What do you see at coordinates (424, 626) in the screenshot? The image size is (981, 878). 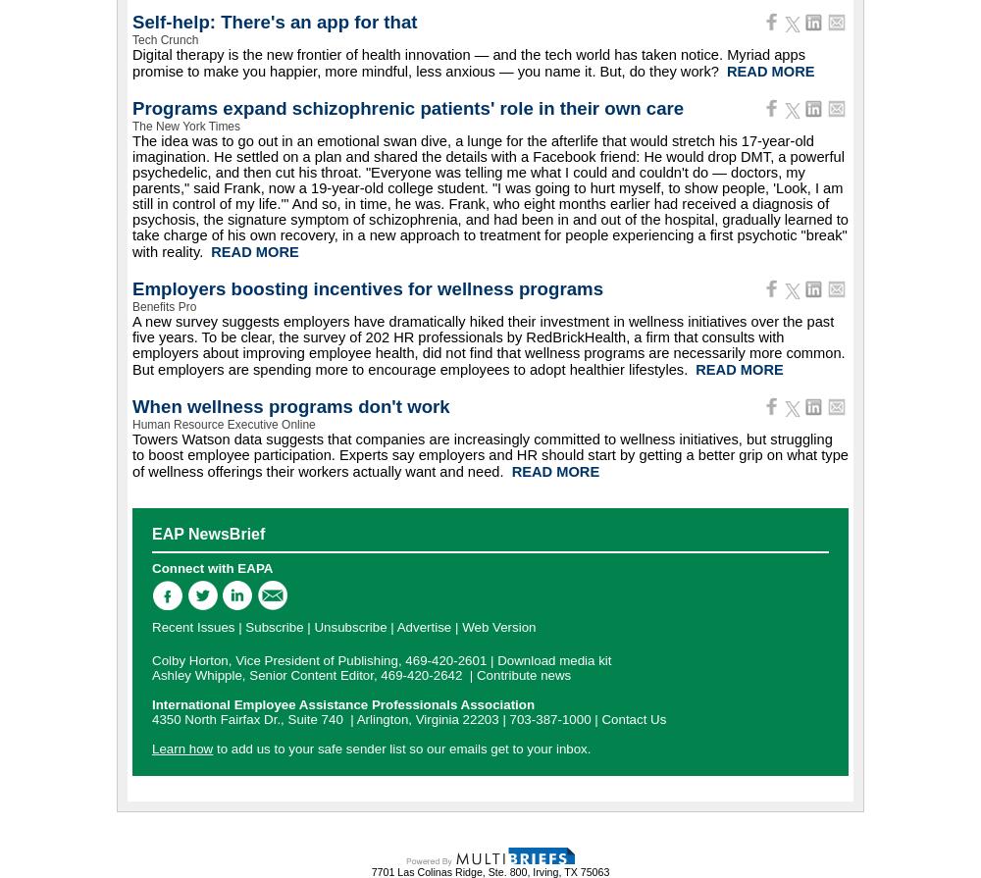 I see `'Advertise'` at bounding box center [424, 626].